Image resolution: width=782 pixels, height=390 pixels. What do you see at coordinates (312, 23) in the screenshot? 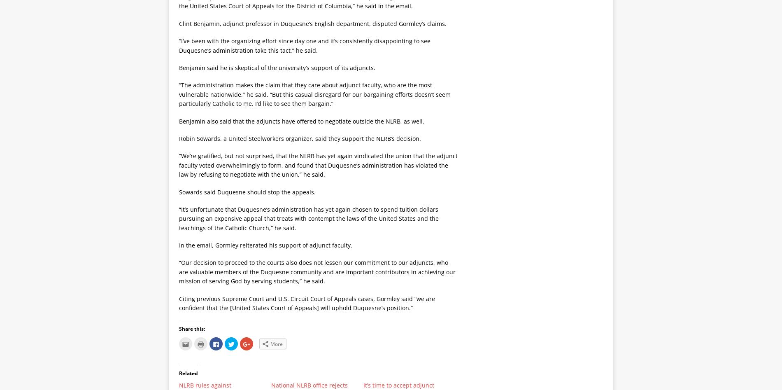
I see `'Clint Benjamin, adjunct professor in Duquesne’s English department, disputed Gormley’s claims.'` at bounding box center [312, 23].